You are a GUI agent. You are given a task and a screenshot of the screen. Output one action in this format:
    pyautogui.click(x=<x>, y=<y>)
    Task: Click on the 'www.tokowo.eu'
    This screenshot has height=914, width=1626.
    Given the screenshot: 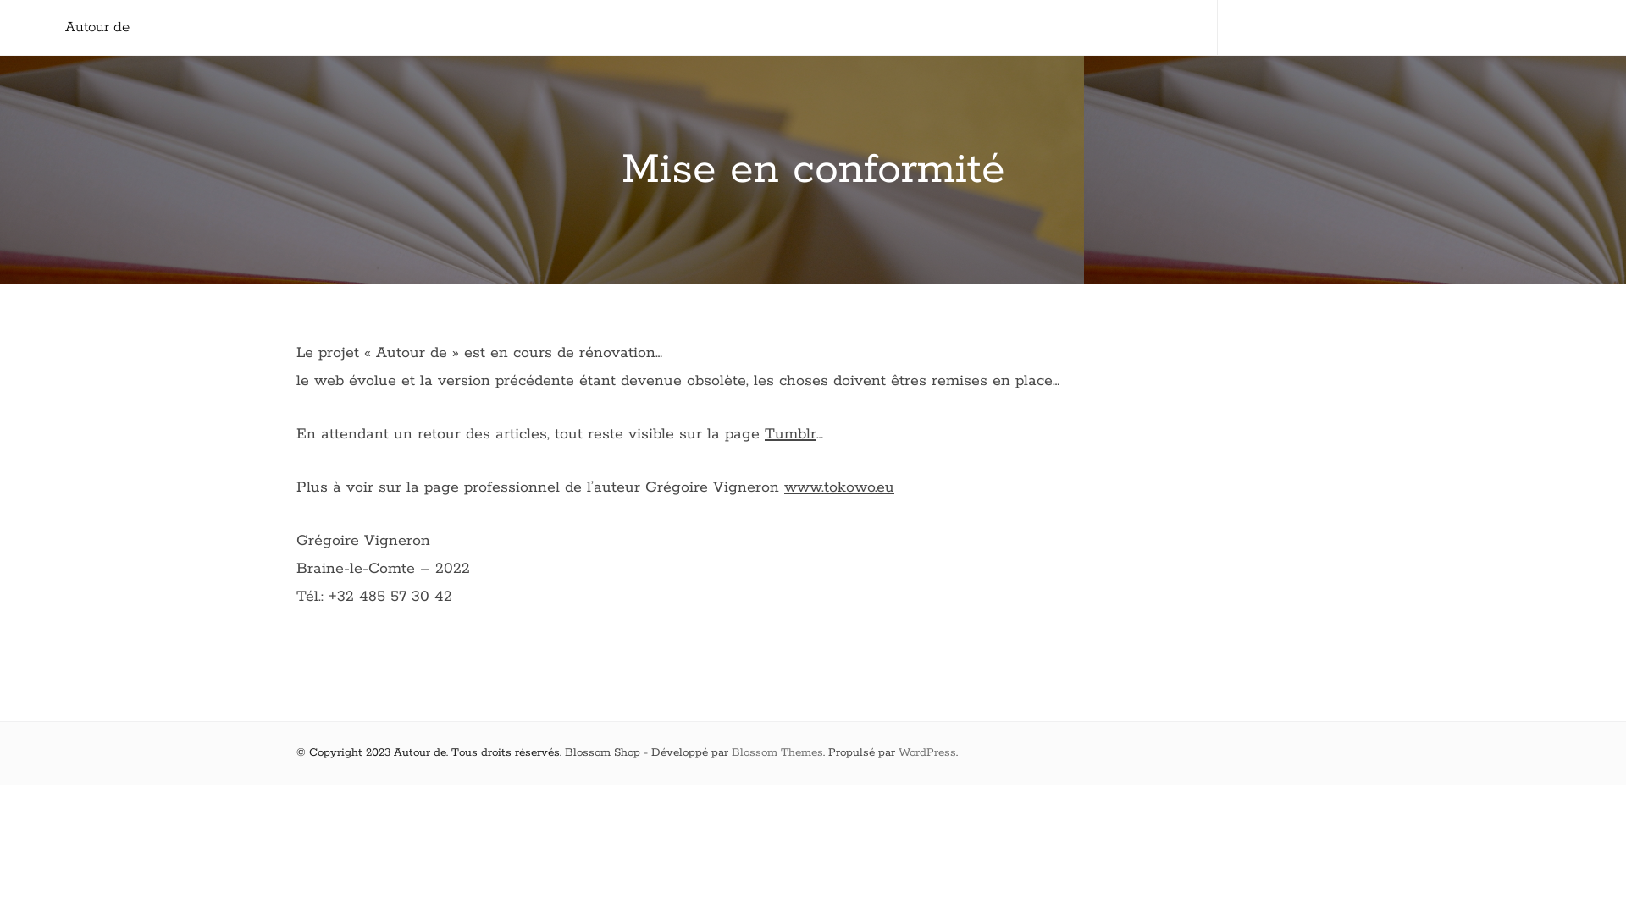 What is the action you would take?
    pyautogui.click(x=783, y=487)
    